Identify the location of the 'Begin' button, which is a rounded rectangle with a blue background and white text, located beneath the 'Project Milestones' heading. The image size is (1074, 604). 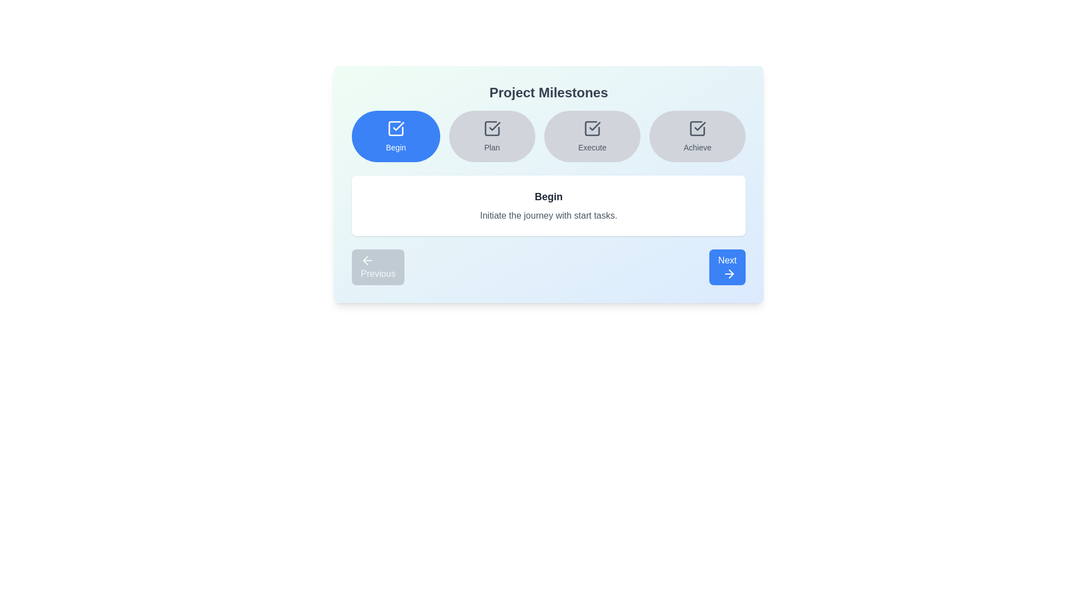
(395, 135).